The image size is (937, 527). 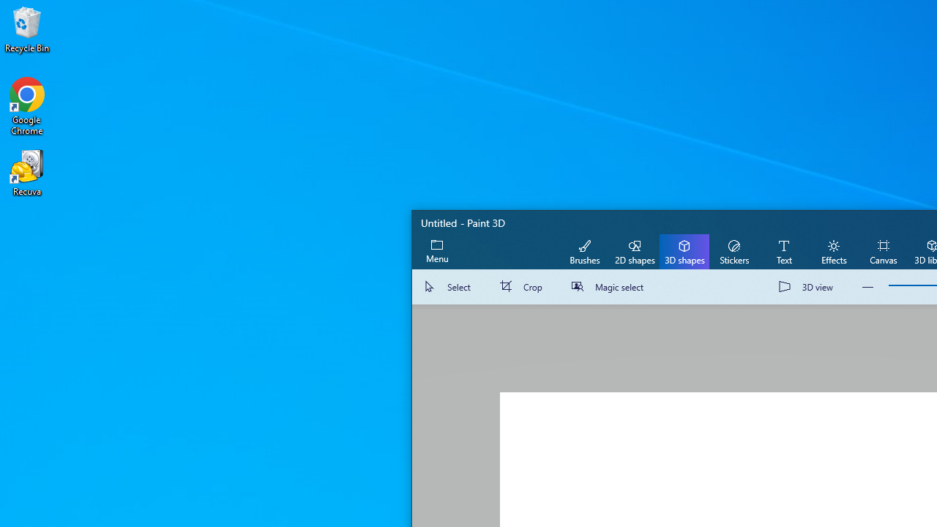 I want to click on 'Text', so click(x=783, y=250).